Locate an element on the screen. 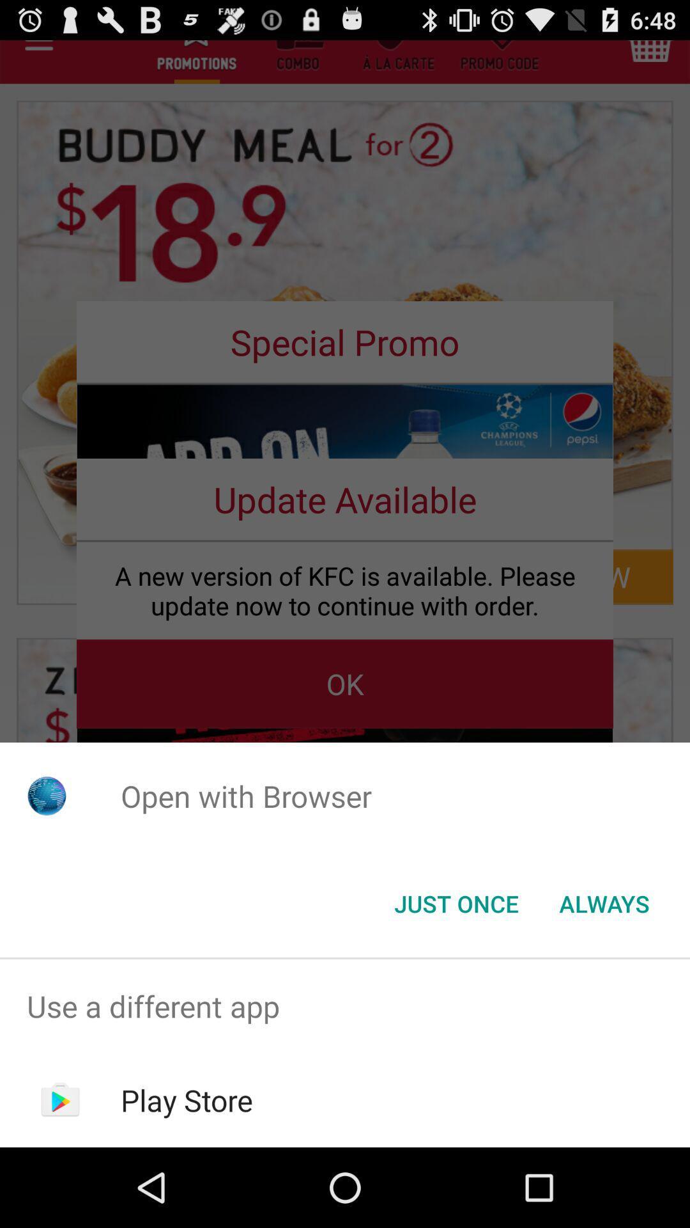 This screenshot has height=1228, width=690. use a different is located at coordinates (345, 1005).